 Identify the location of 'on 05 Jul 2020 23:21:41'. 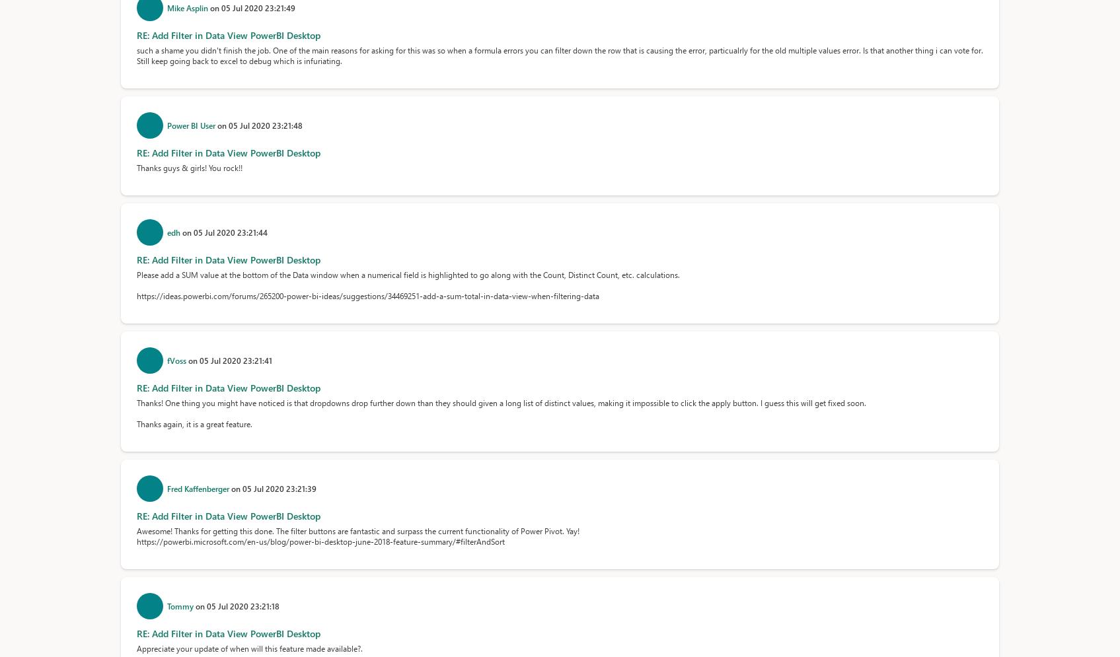
(188, 360).